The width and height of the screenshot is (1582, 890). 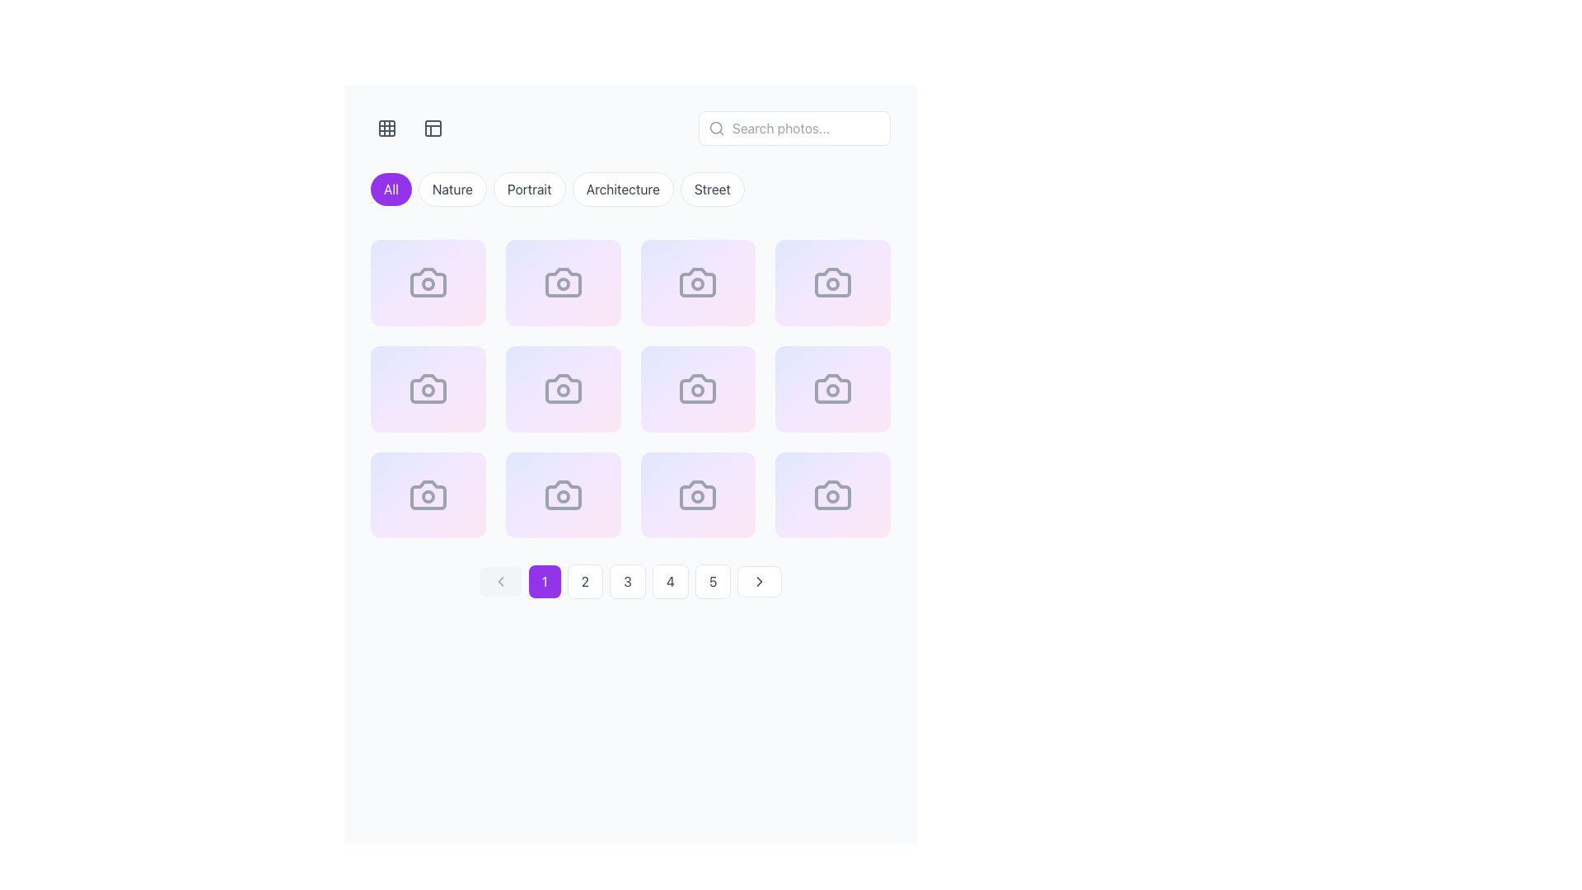 What do you see at coordinates (428, 494) in the screenshot?
I see `the third card in the third row of the gallery, which has a gradient background and a camera icon at its center` at bounding box center [428, 494].